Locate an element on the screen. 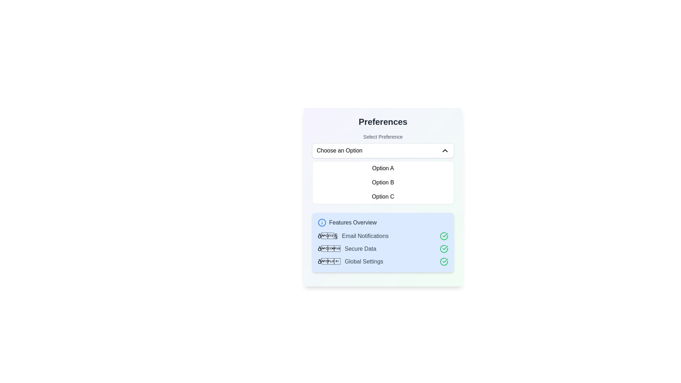 The width and height of the screenshot is (681, 383). the third option in the dropdown menu, located below 'Option A' and 'Option B' is located at coordinates (383, 197).